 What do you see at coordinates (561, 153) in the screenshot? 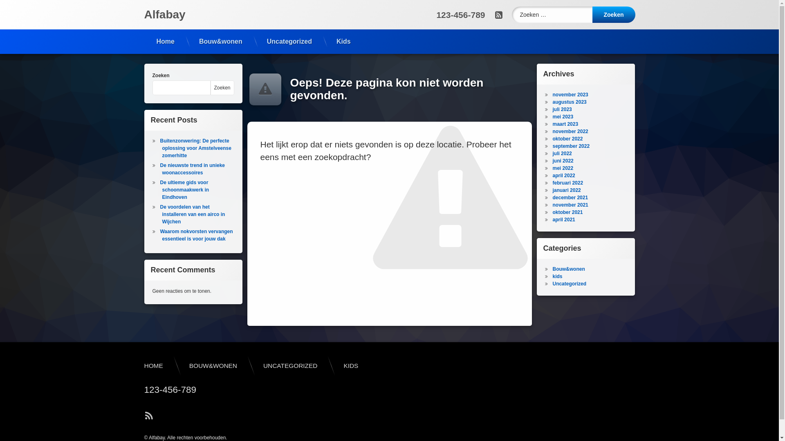
I see `'juli 2022'` at bounding box center [561, 153].